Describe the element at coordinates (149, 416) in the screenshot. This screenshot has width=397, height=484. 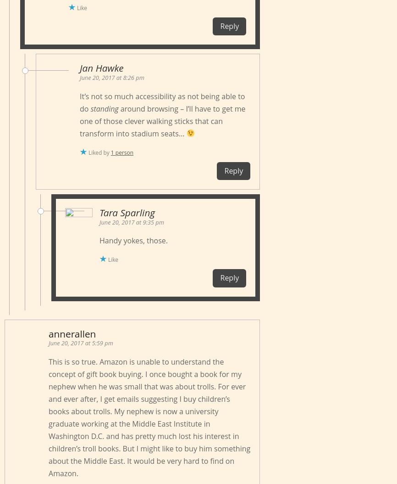
I see `'This is so true. Amazon is unable to understand the concept of gift book buying. I once bought a book for my nephew when he was small that was about trolls. For ever and ever after, I get emails suggesting I buy children’s books about trolls. My nephew is now a university graduate working at the Middle East Institute in Washington D.C. and has pretty much lost his interest in children’s troll books. But I might like to buy him something about the Middle East. It would be very hard to find on Amazon.'` at that location.